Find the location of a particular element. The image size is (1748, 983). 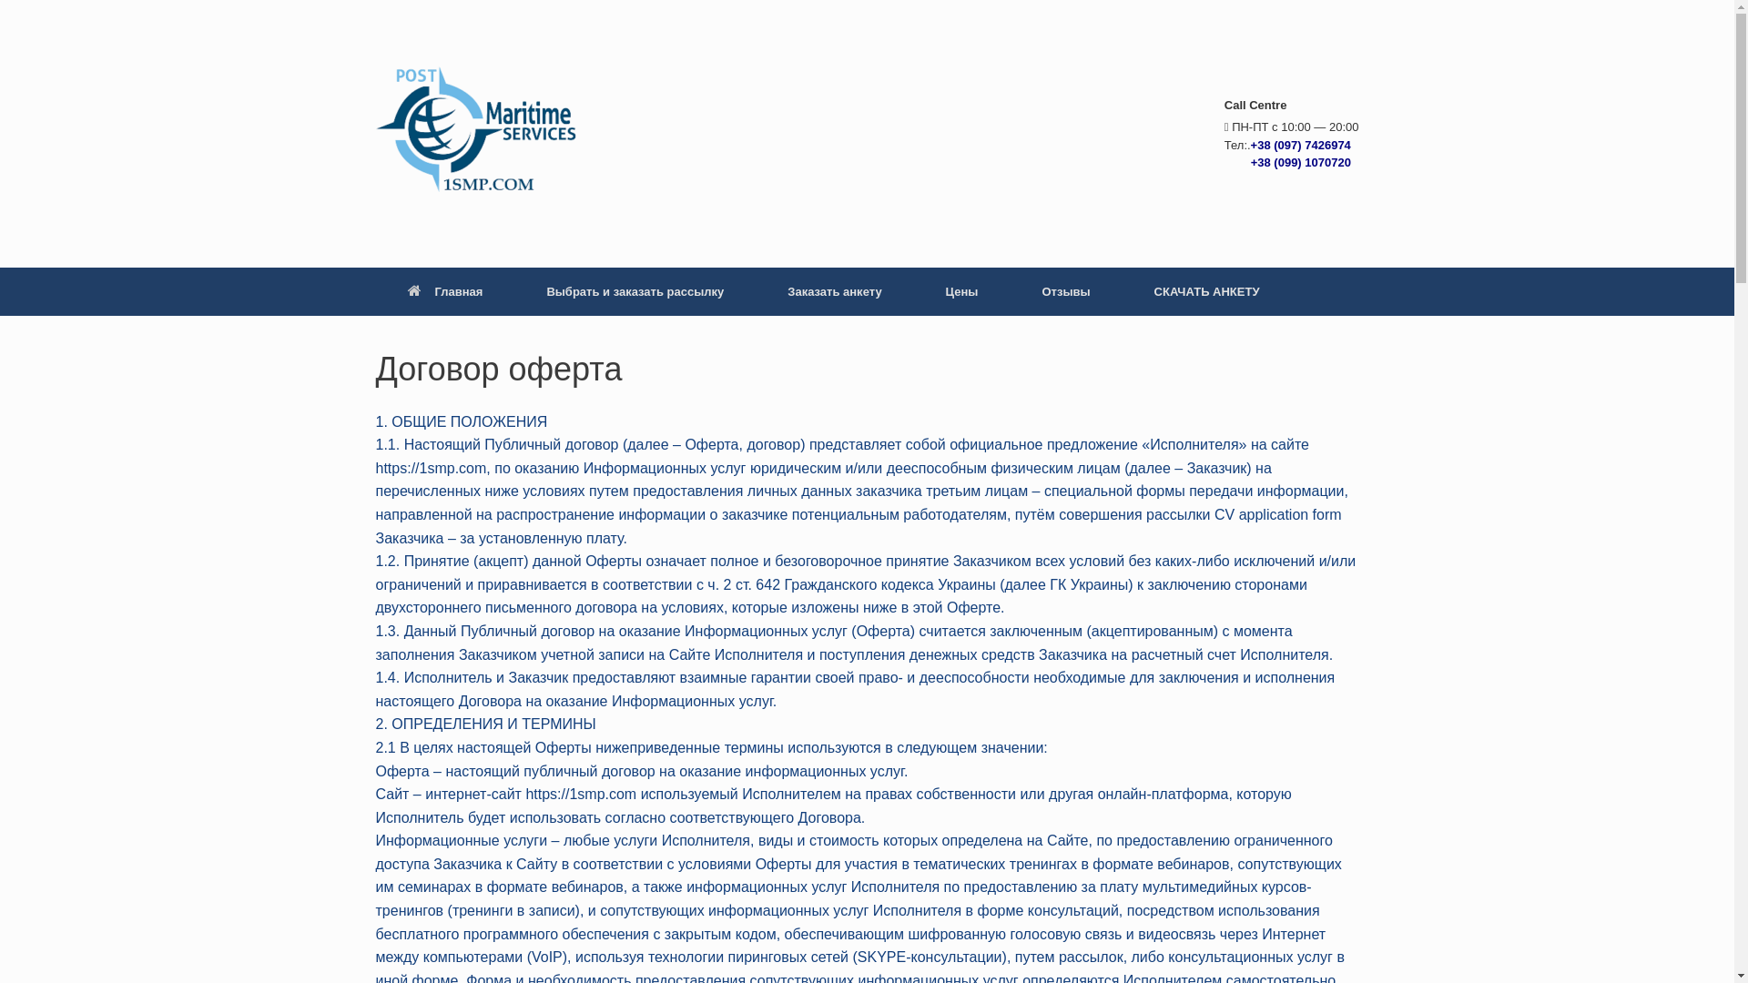

'        +38 (099) 1070720' is located at coordinates (1286, 161).